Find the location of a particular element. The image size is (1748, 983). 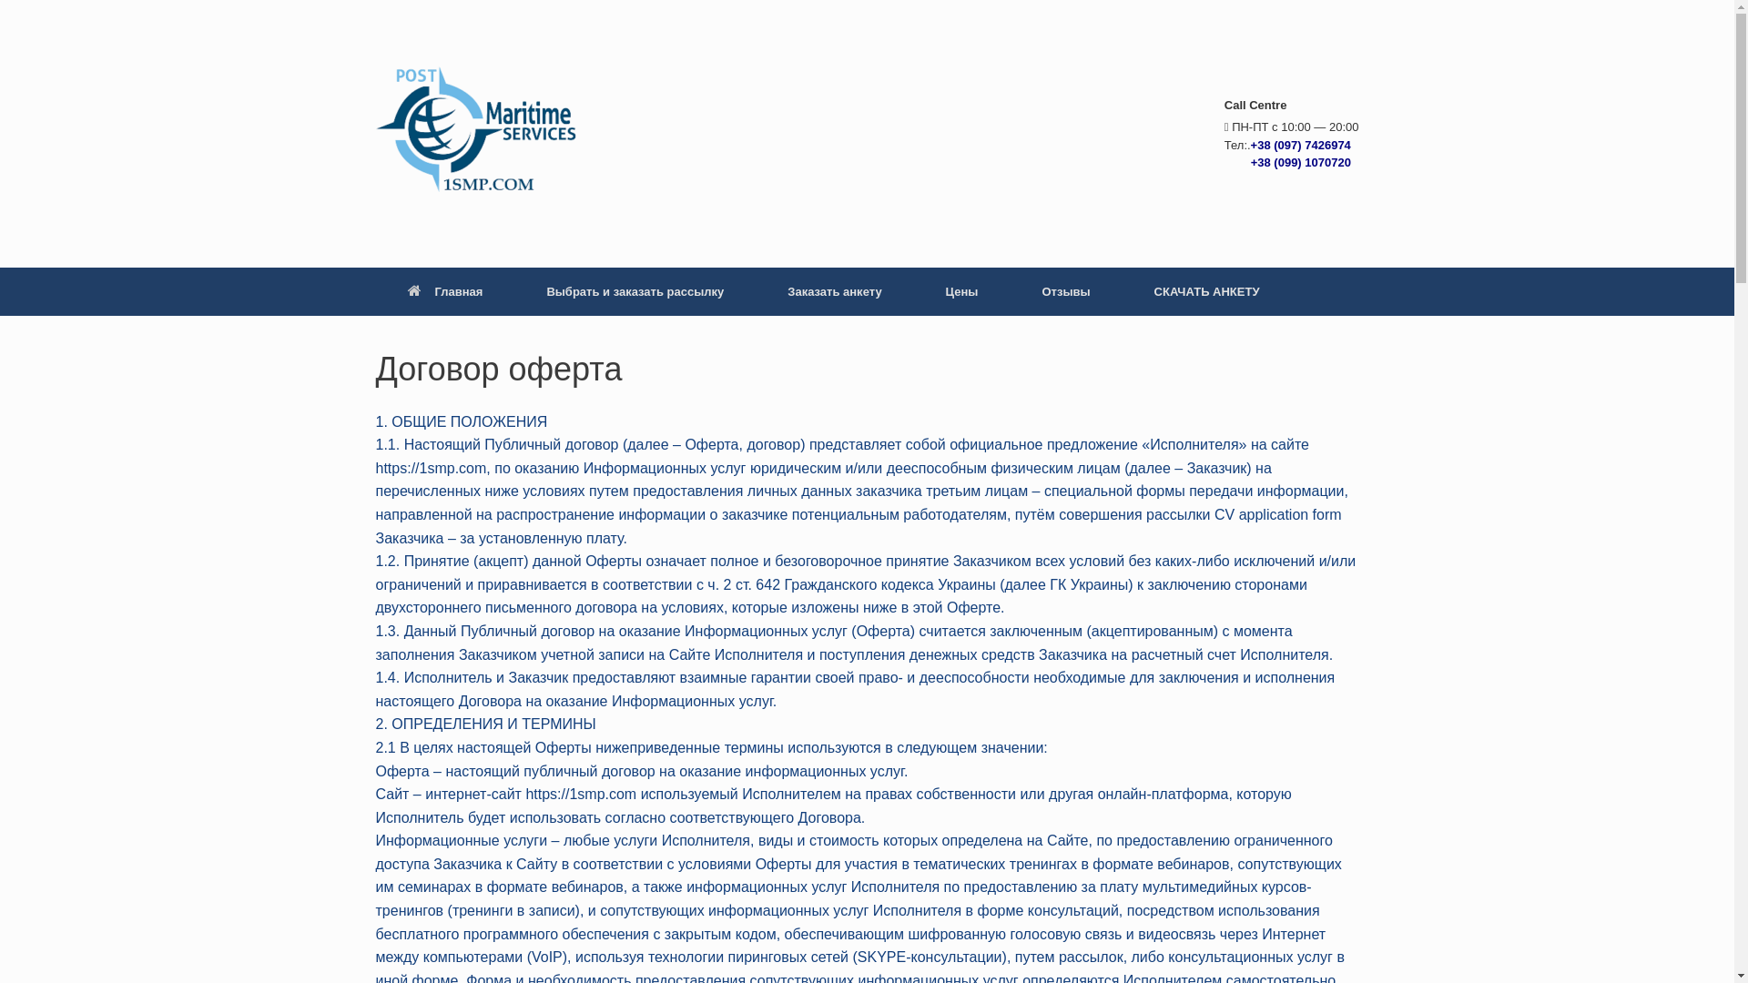

'        +38 (099) 1070720' is located at coordinates (1286, 161).